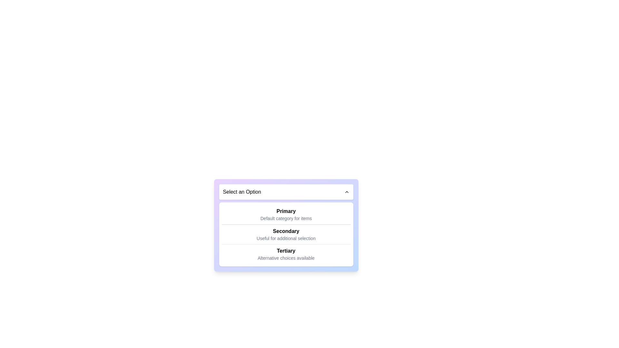 The width and height of the screenshot is (619, 348). What do you see at coordinates (286, 254) in the screenshot?
I see `the 'Tertiary' option in the list, which is the last item below 'Primary' and 'Secondary'` at bounding box center [286, 254].